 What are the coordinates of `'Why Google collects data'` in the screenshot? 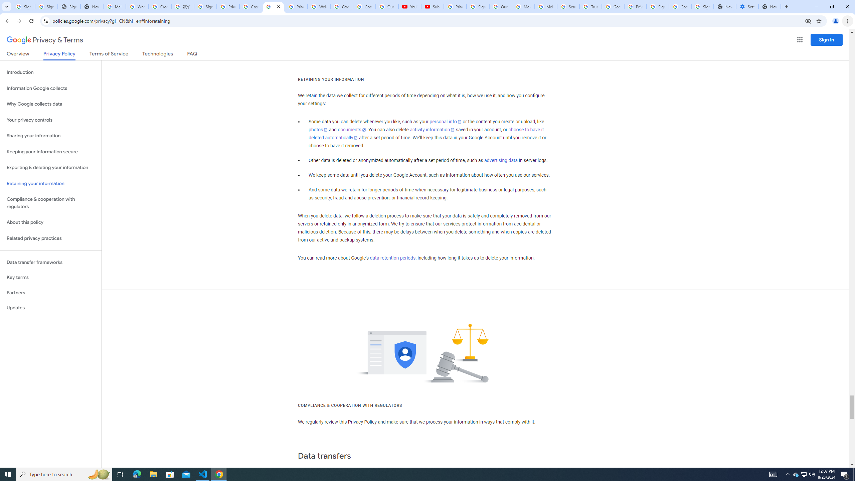 It's located at (50, 104).